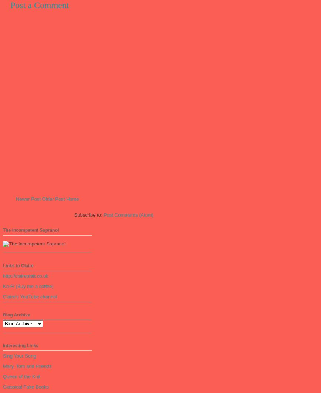 This screenshot has width=321, height=393. What do you see at coordinates (3, 230) in the screenshot?
I see `'The Incompetent Soprano!'` at bounding box center [3, 230].